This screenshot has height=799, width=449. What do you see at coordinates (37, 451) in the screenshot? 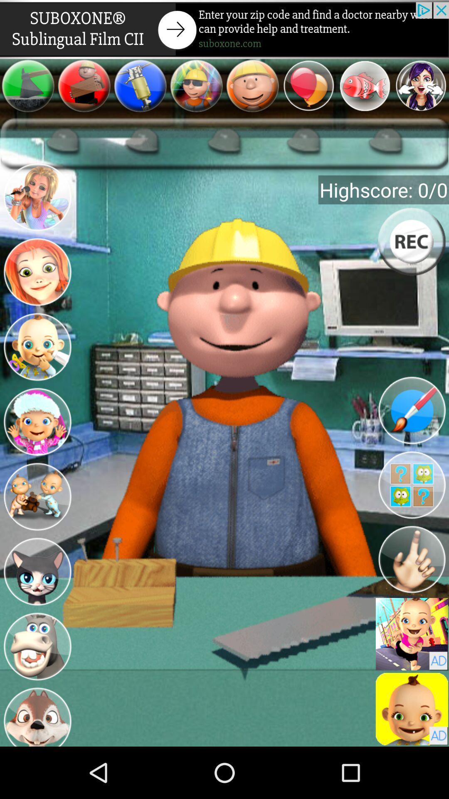
I see `the avatar icon` at bounding box center [37, 451].